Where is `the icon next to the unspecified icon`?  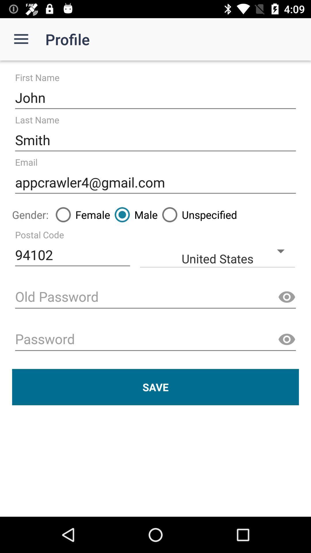 the icon next to the unspecified icon is located at coordinates (134, 214).